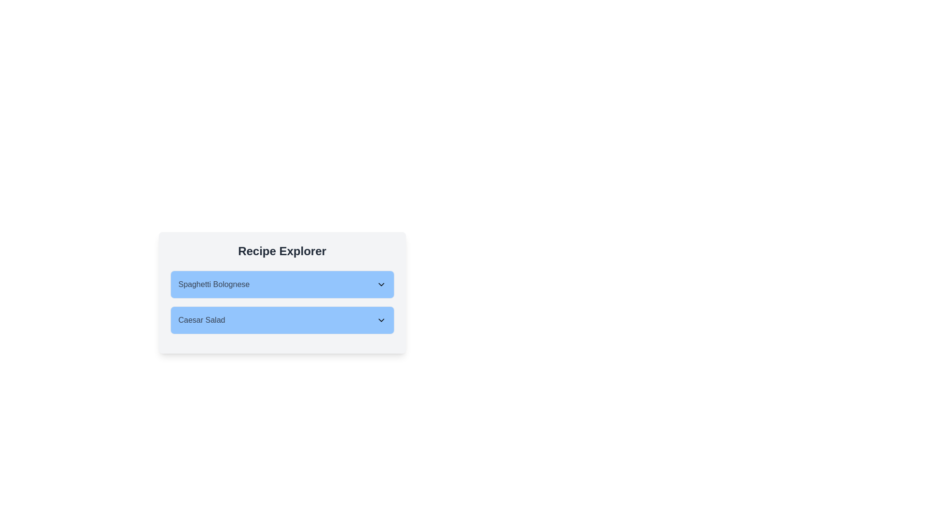 This screenshot has height=521, width=927. I want to click on the first item in the dropdown list labeled 'Spaghetti Bolognese', so click(281, 284).